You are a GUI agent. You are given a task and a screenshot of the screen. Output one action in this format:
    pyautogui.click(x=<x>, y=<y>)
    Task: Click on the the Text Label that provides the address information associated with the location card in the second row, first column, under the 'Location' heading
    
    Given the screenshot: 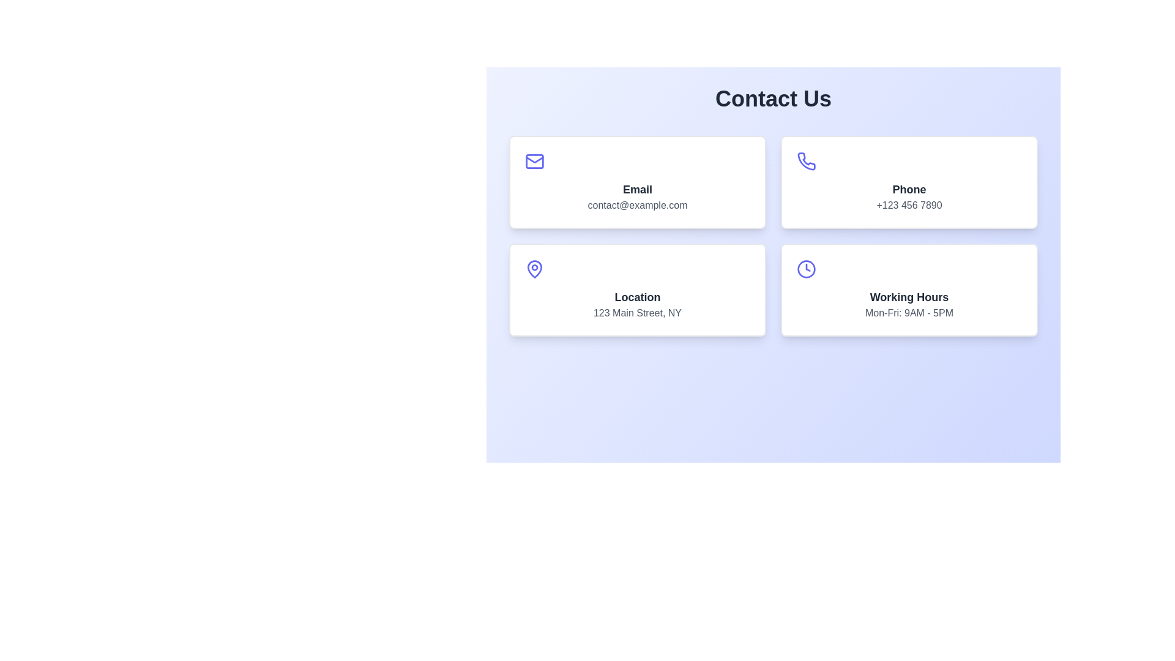 What is the action you would take?
    pyautogui.click(x=636, y=313)
    